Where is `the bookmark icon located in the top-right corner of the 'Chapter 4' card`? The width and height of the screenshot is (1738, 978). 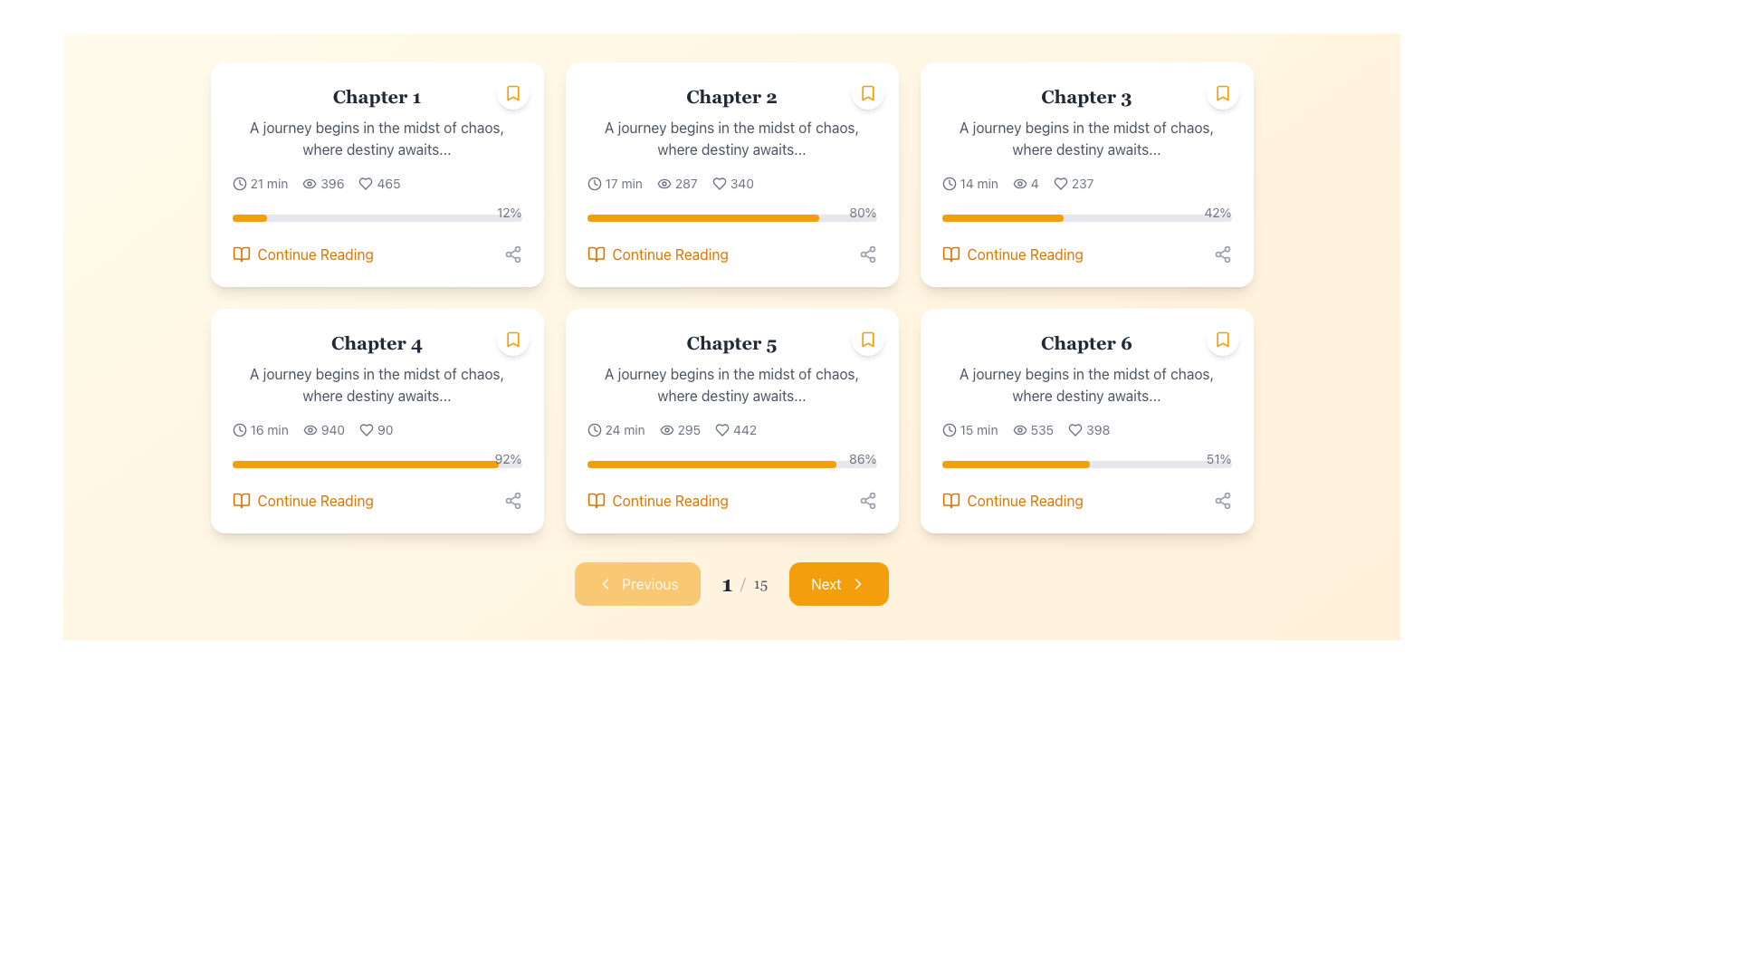
the bookmark icon located in the top-right corner of the 'Chapter 4' card is located at coordinates (511, 339).